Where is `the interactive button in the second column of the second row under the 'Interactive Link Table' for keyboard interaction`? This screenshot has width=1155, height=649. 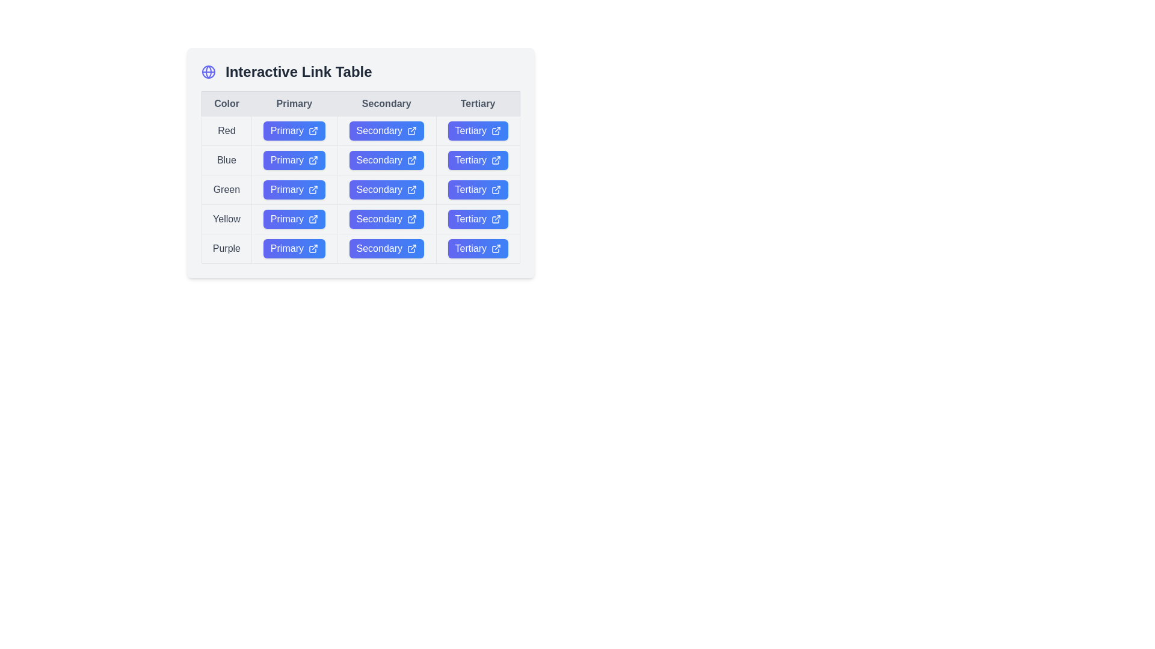 the interactive button in the second column of the second row under the 'Interactive Link Table' for keyboard interaction is located at coordinates (386, 159).